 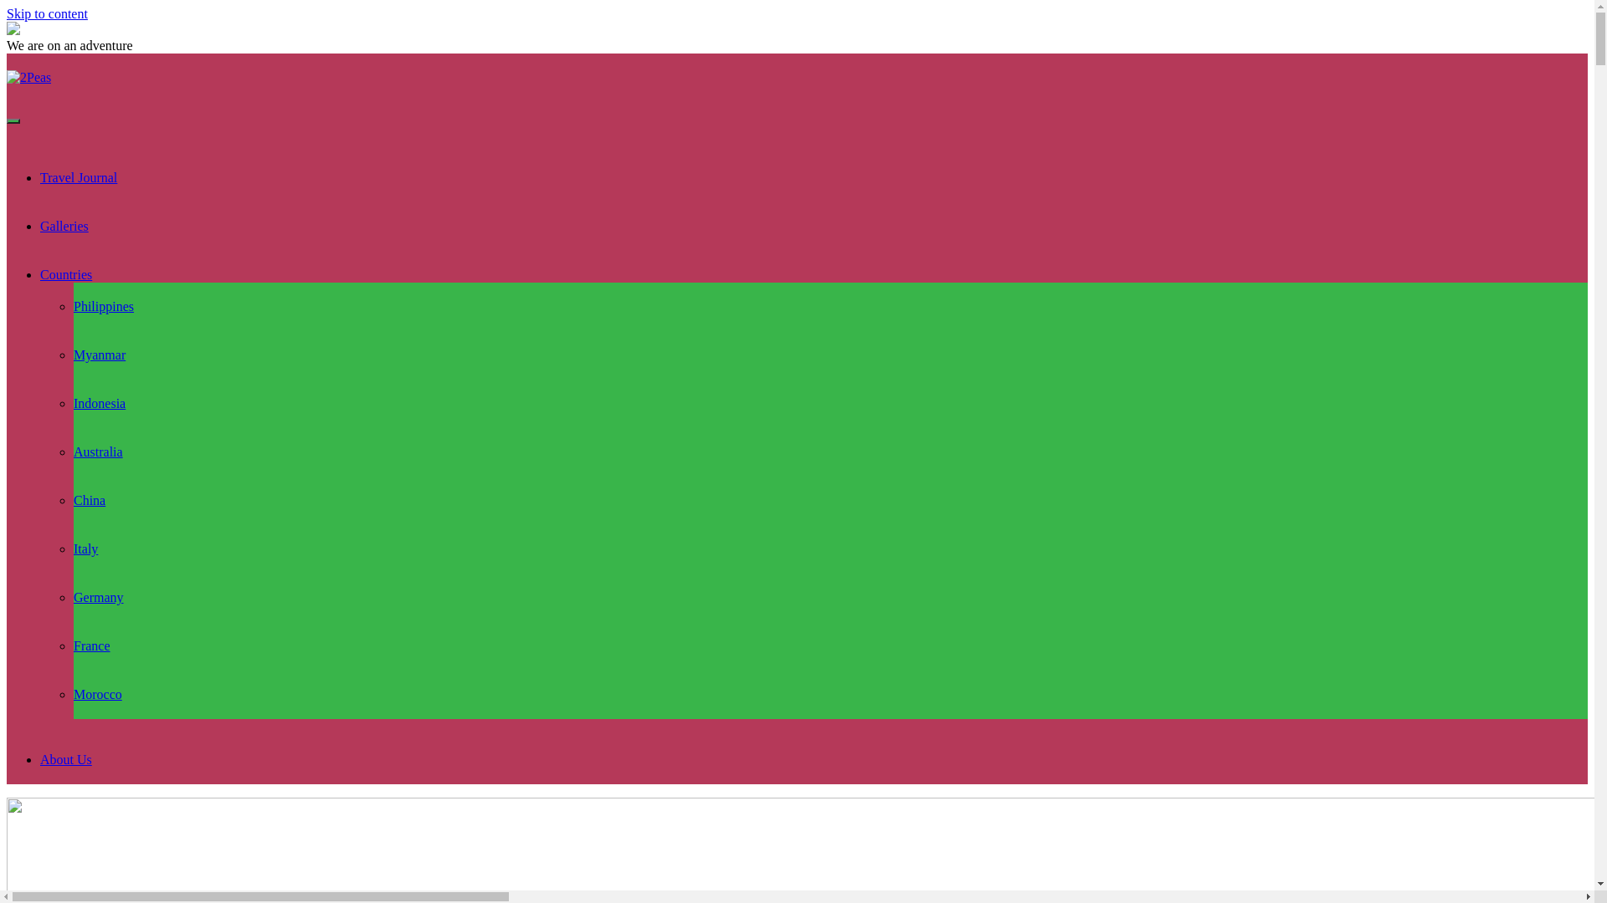 What do you see at coordinates (65, 759) in the screenshot?
I see `'About Us'` at bounding box center [65, 759].